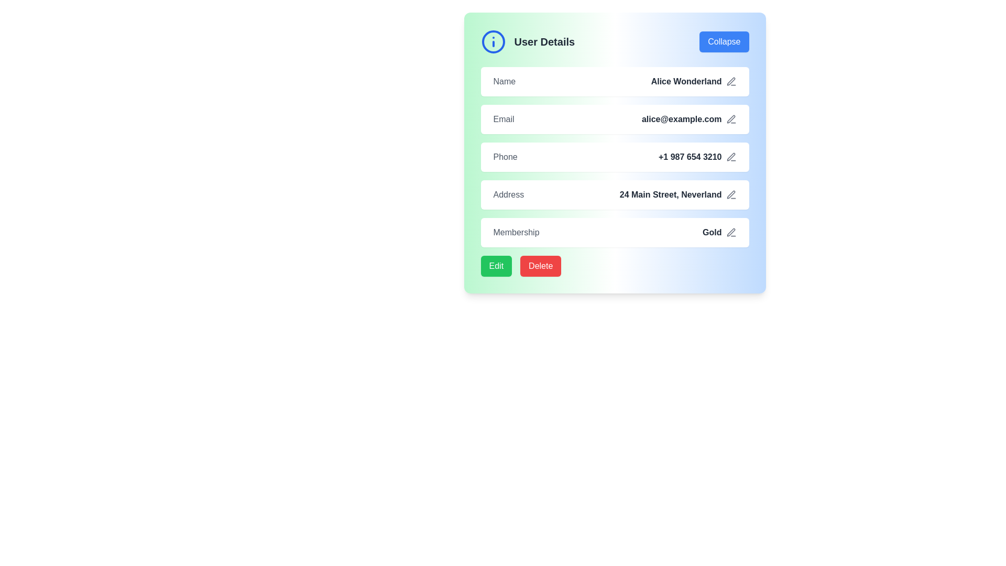 This screenshot has width=1006, height=566. Describe the element at coordinates (505, 157) in the screenshot. I see `the static text label that indicates the phone number, located to the left of the phone number '+1 987 654 3210' and above a small pencil icon for editing` at that location.